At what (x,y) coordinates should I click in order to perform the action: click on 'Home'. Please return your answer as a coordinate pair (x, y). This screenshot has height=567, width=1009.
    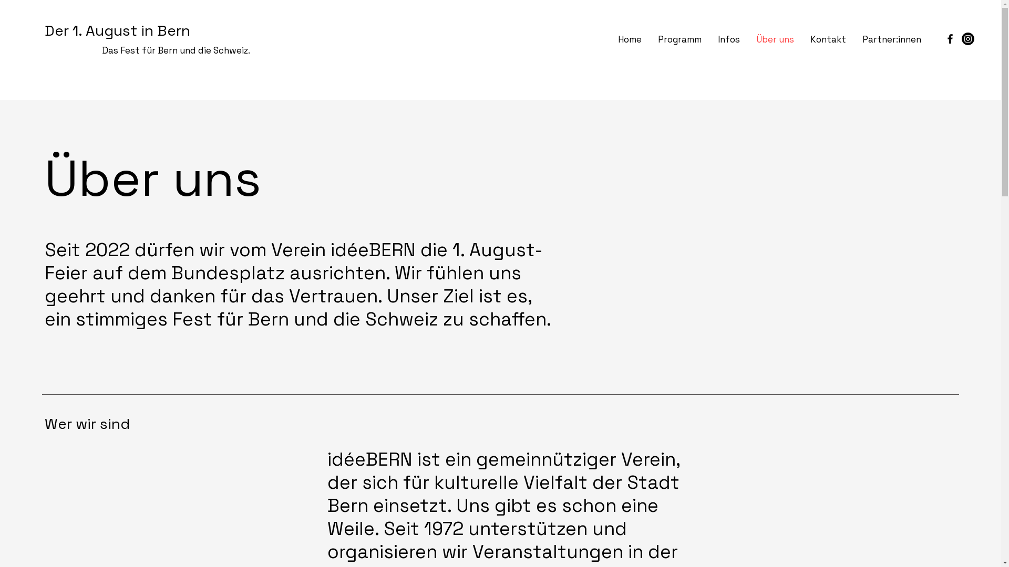
    Looking at the image, I should click on (630, 38).